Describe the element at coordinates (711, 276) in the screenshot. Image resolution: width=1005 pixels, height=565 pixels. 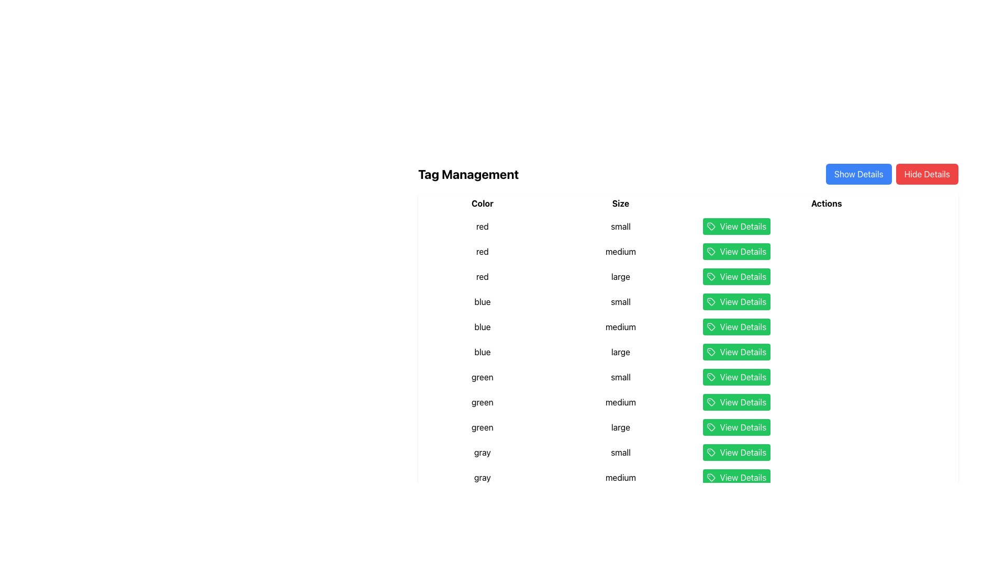
I see `the tag-shaped icon that is part of the 'View Details' button, located on the right-hand side of a table row in the Actions column, adjacent to the text 'View Details'` at that location.